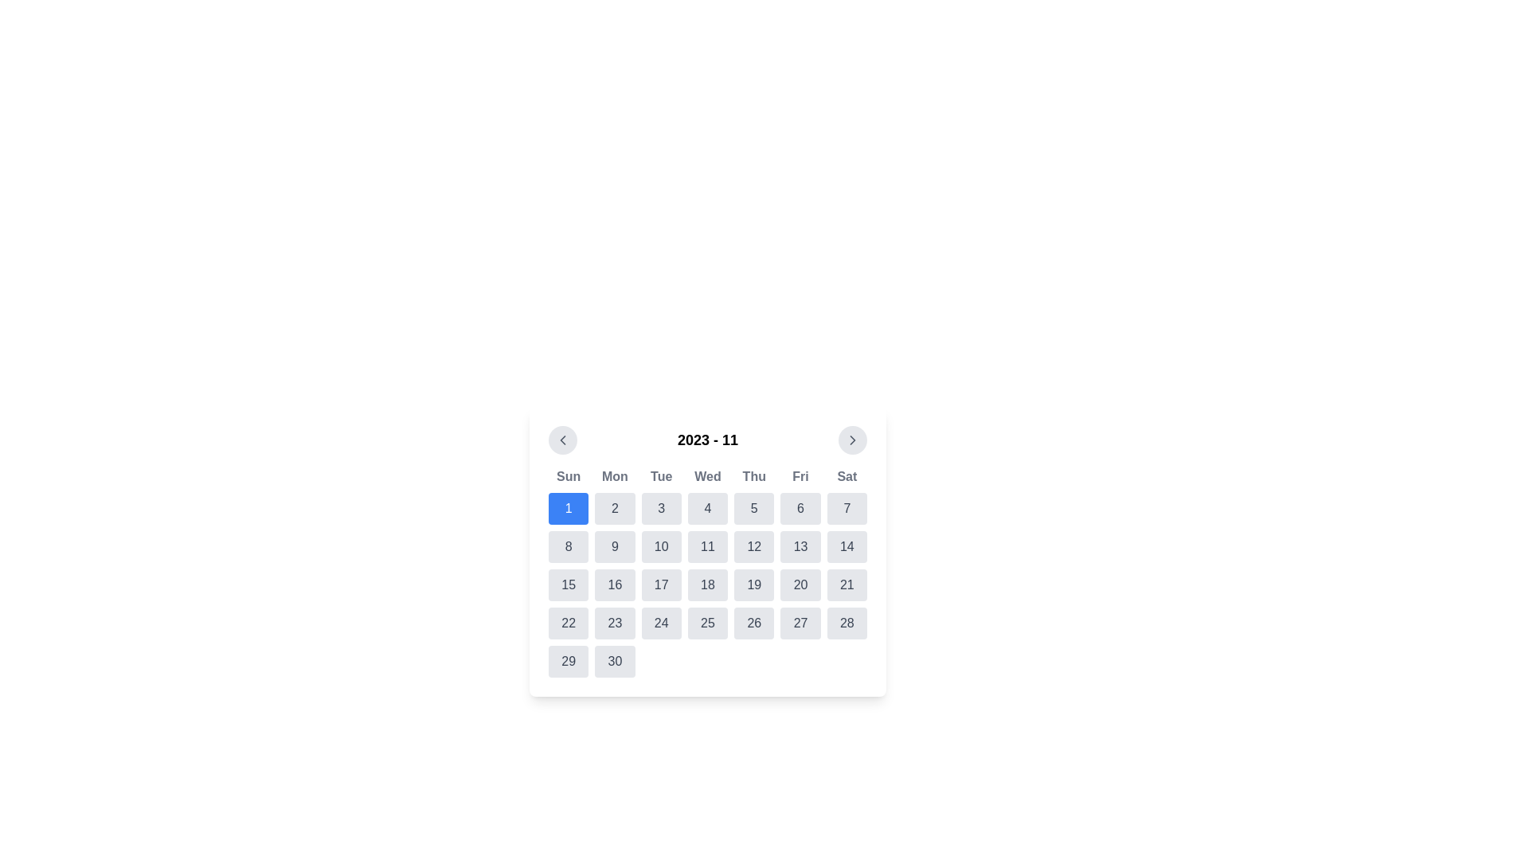  Describe the element at coordinates (846, 623) in the screenshot. I see `the button representing a specific day in the calendar interface, located in the seventh column of the fourth row, to focus it` at that location.